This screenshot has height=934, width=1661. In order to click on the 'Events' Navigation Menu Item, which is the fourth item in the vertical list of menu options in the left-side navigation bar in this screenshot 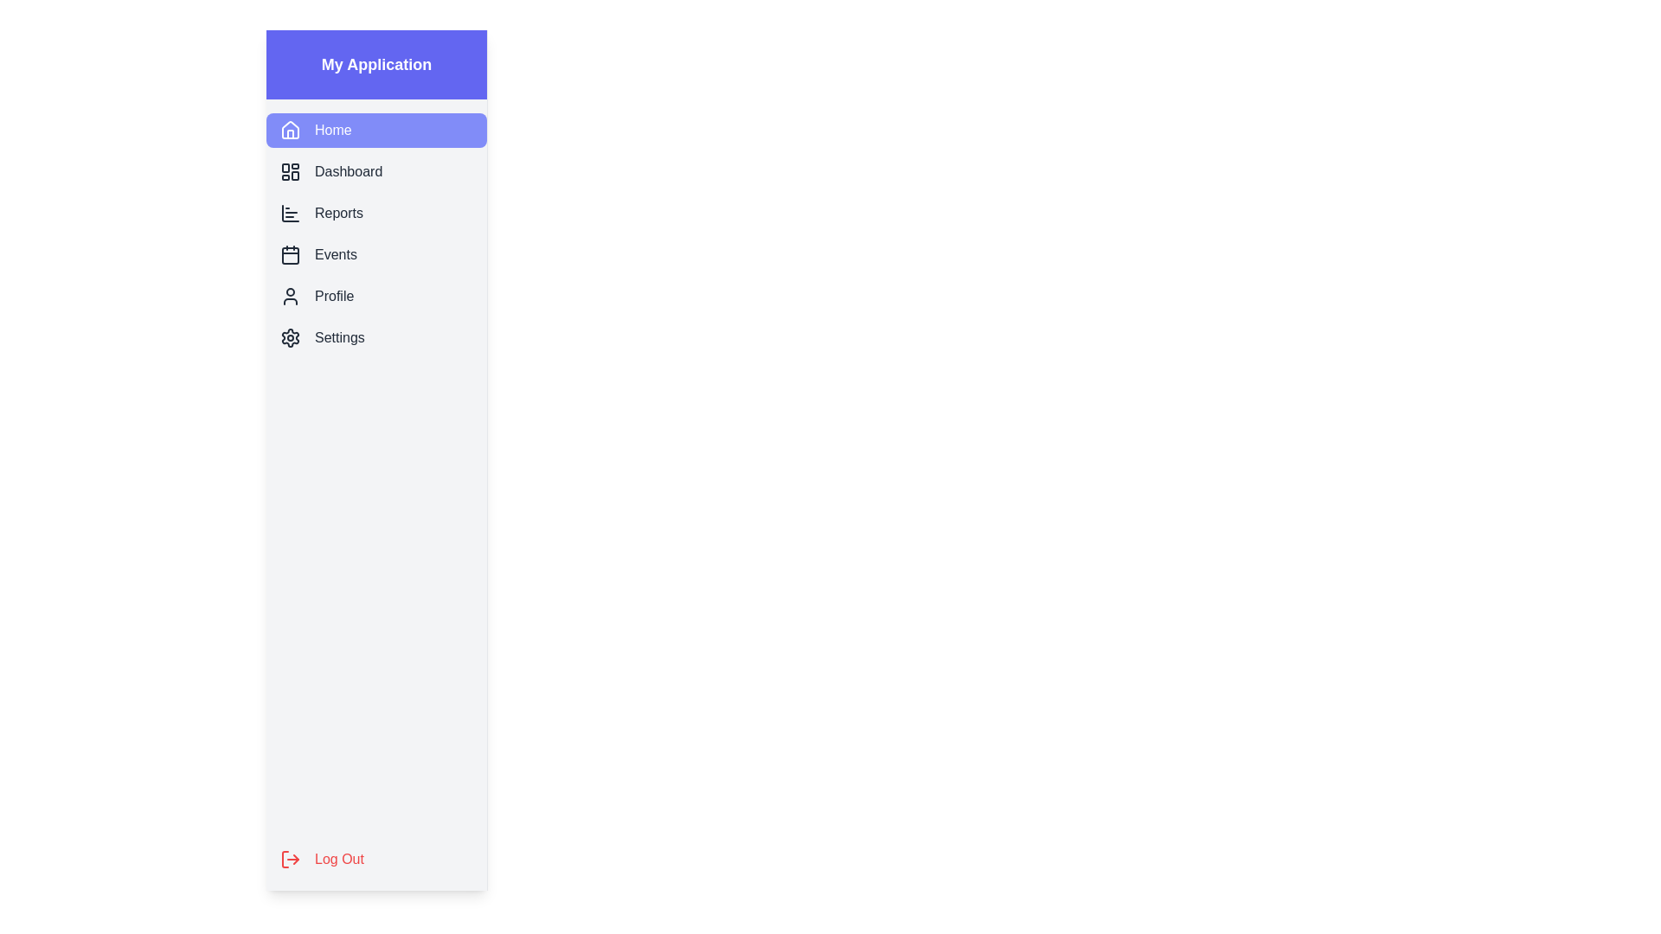, I will do `click(375, 254)`.